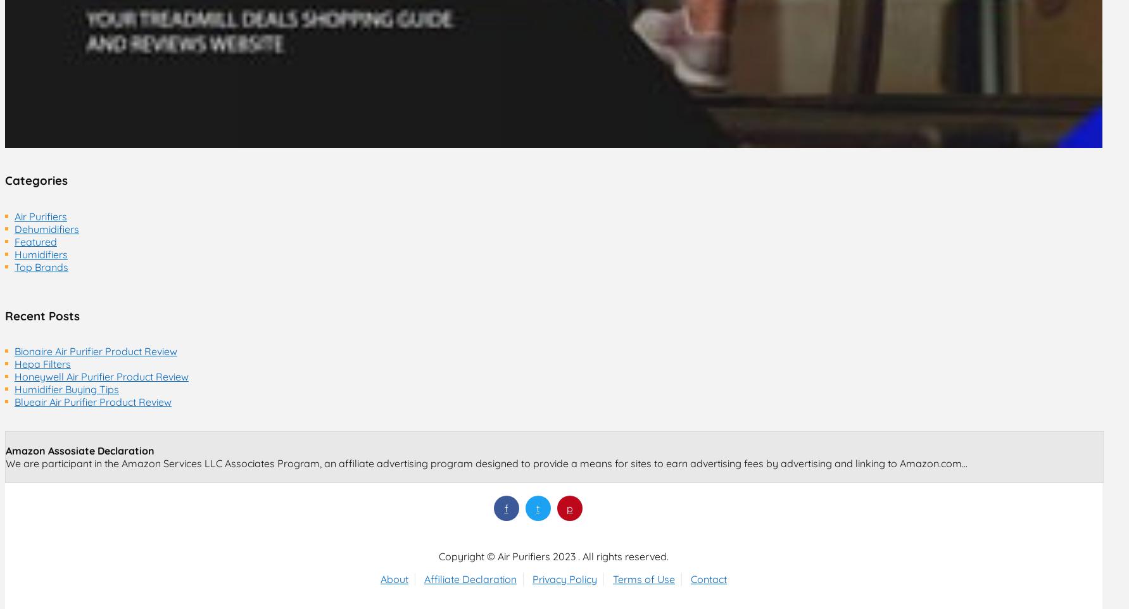  I want to click on 'Terms of Use', so click(644, 578).